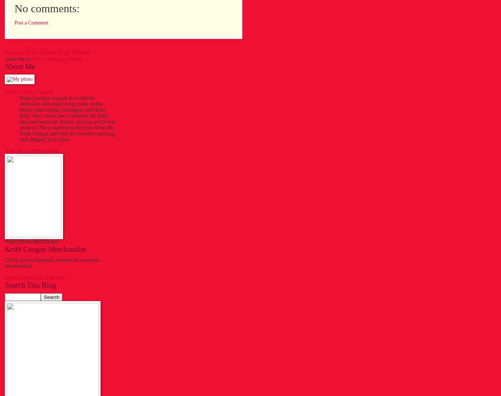  What do you see at coordinates (30, 284) in the screenshot?
I see `'Search This Blog'` at bounding box center [30, 284].